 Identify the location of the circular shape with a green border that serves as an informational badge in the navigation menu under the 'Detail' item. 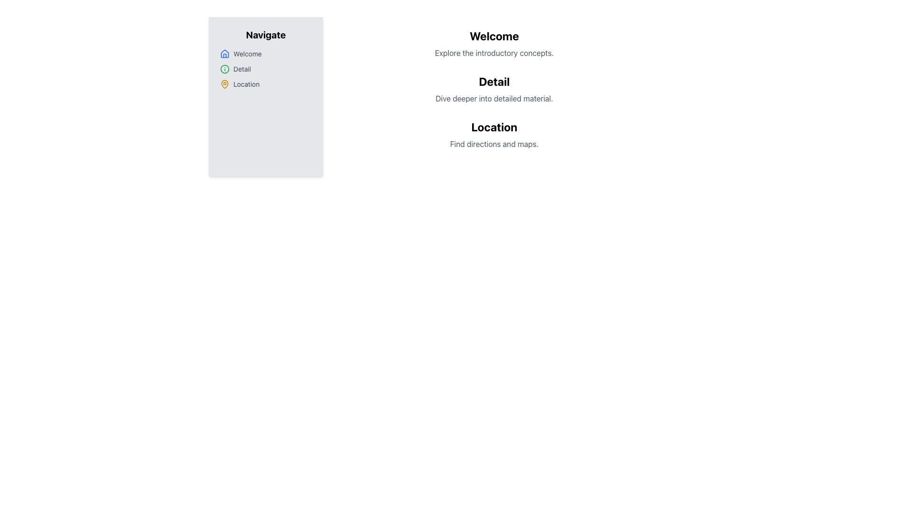
(224, 69).